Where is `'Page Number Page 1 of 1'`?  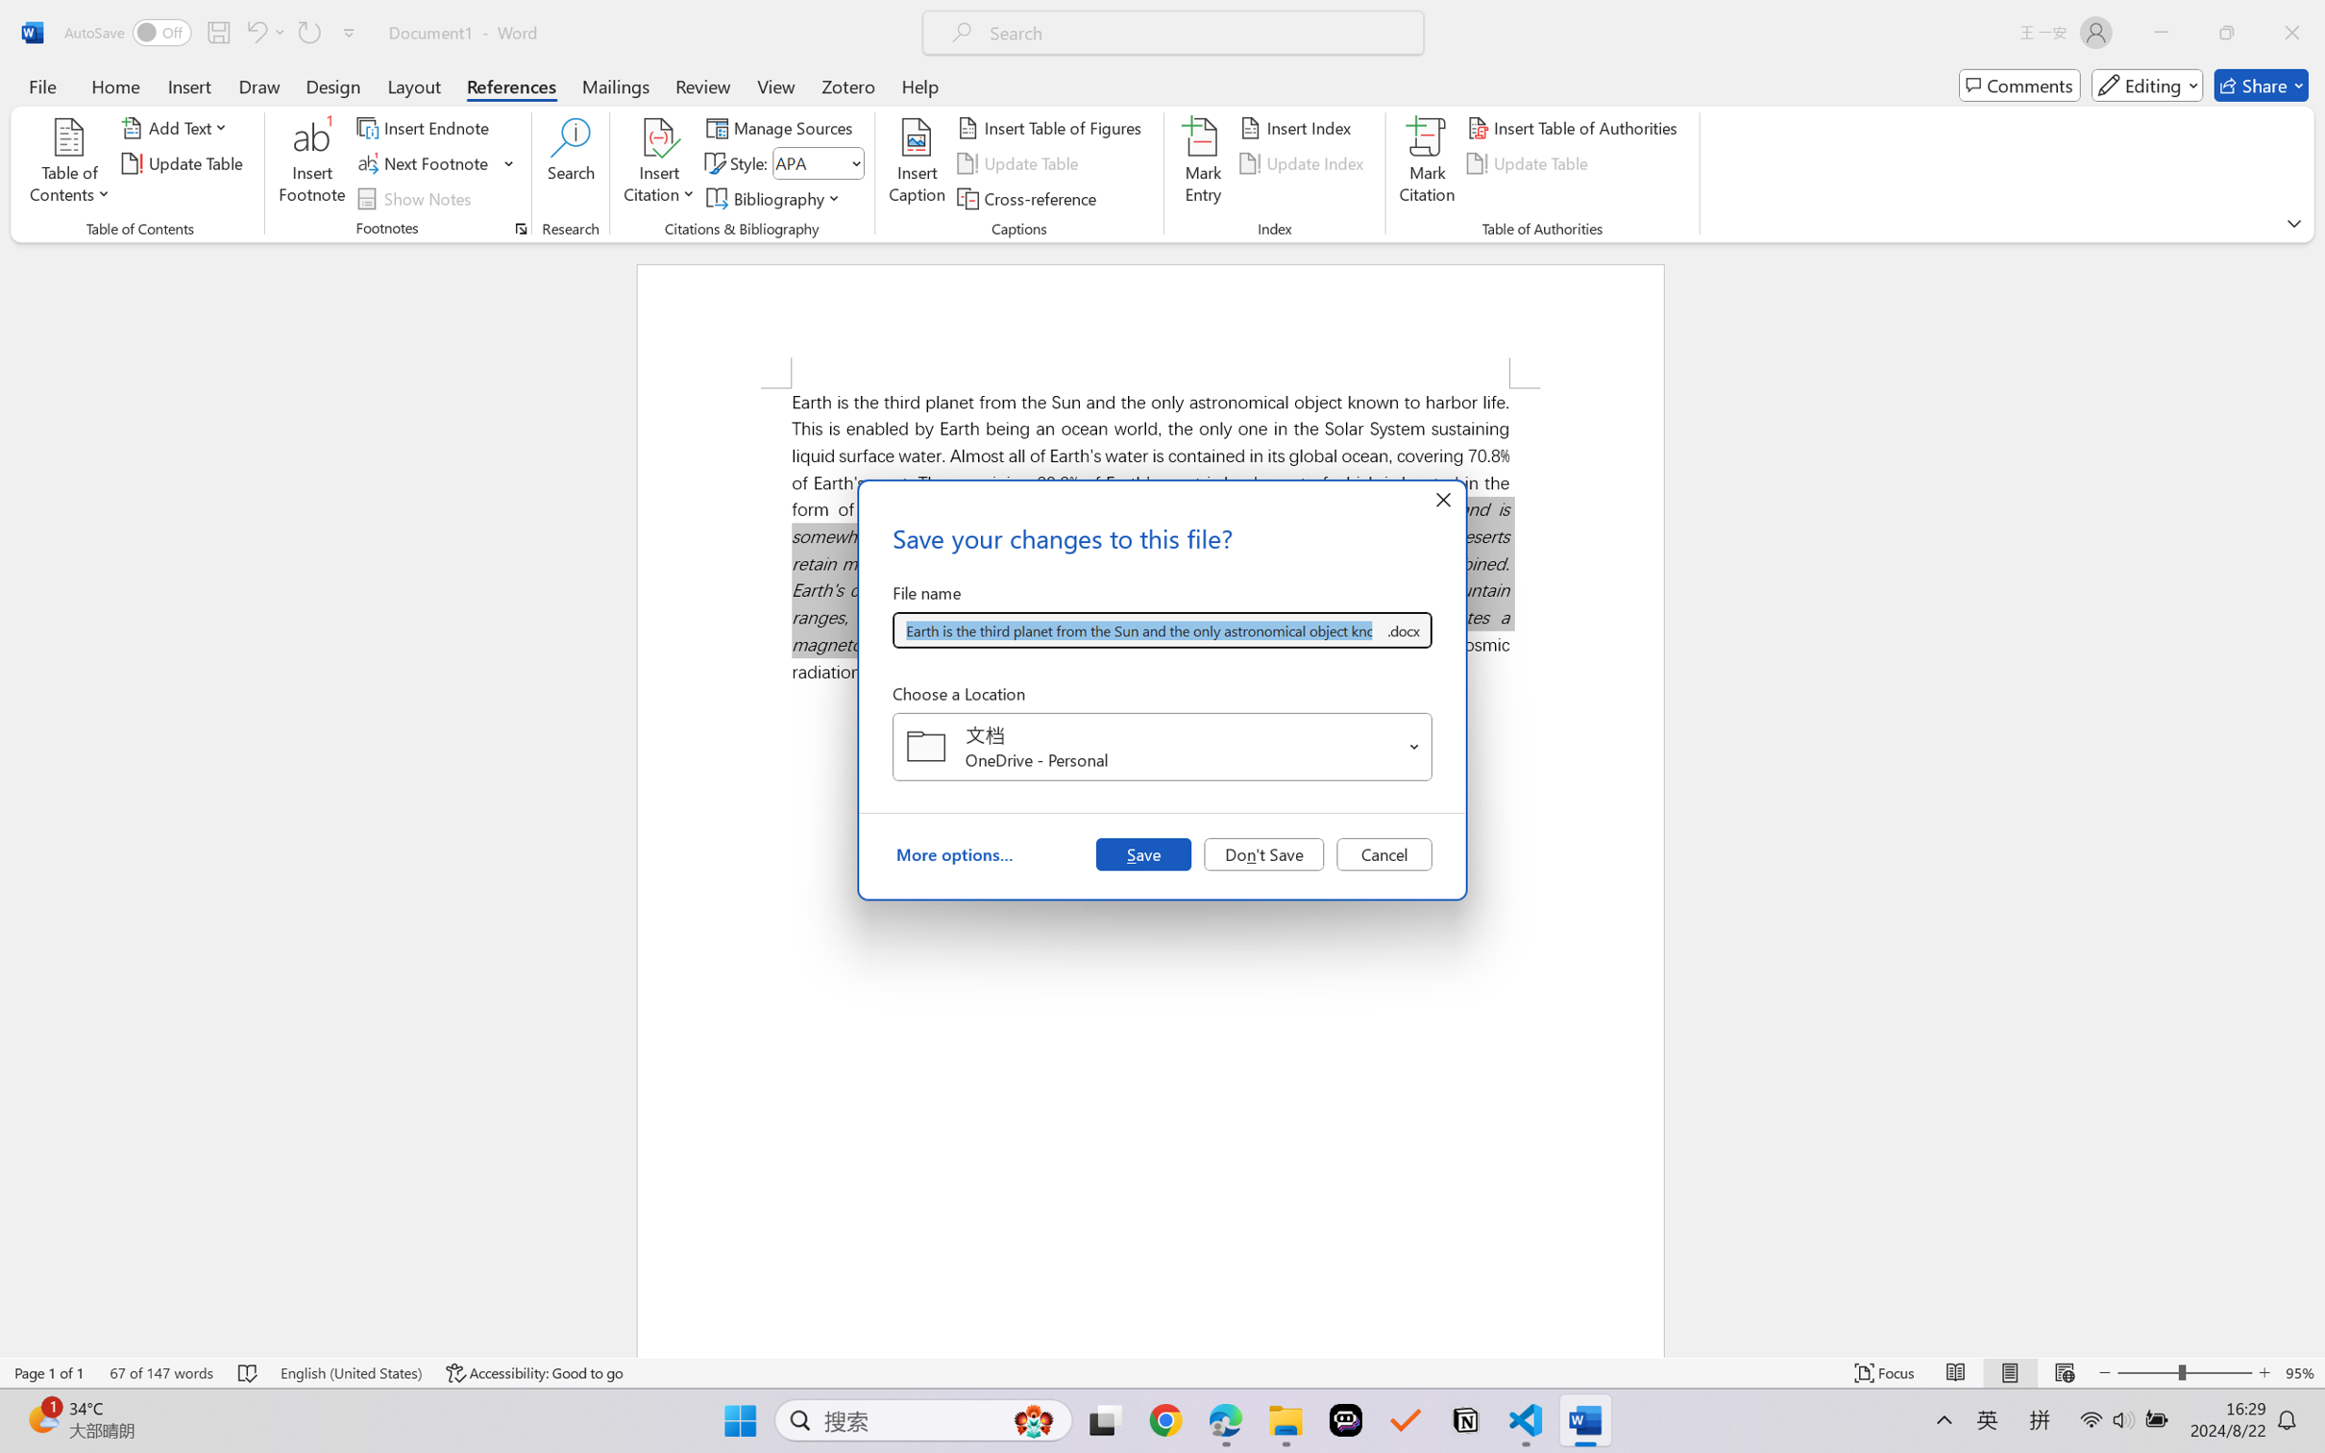
'Page Number Page 1 of 1' is located at coordinates (50, 1372).